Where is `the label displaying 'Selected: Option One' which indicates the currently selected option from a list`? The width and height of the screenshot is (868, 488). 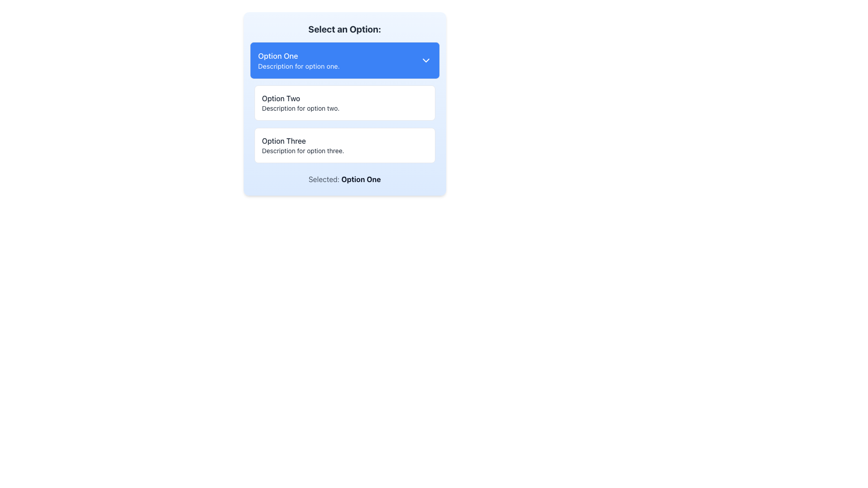
the label displaying 'Selected: Option One' which indicates the currently selected option from a list is located at coordinates (344, 179).